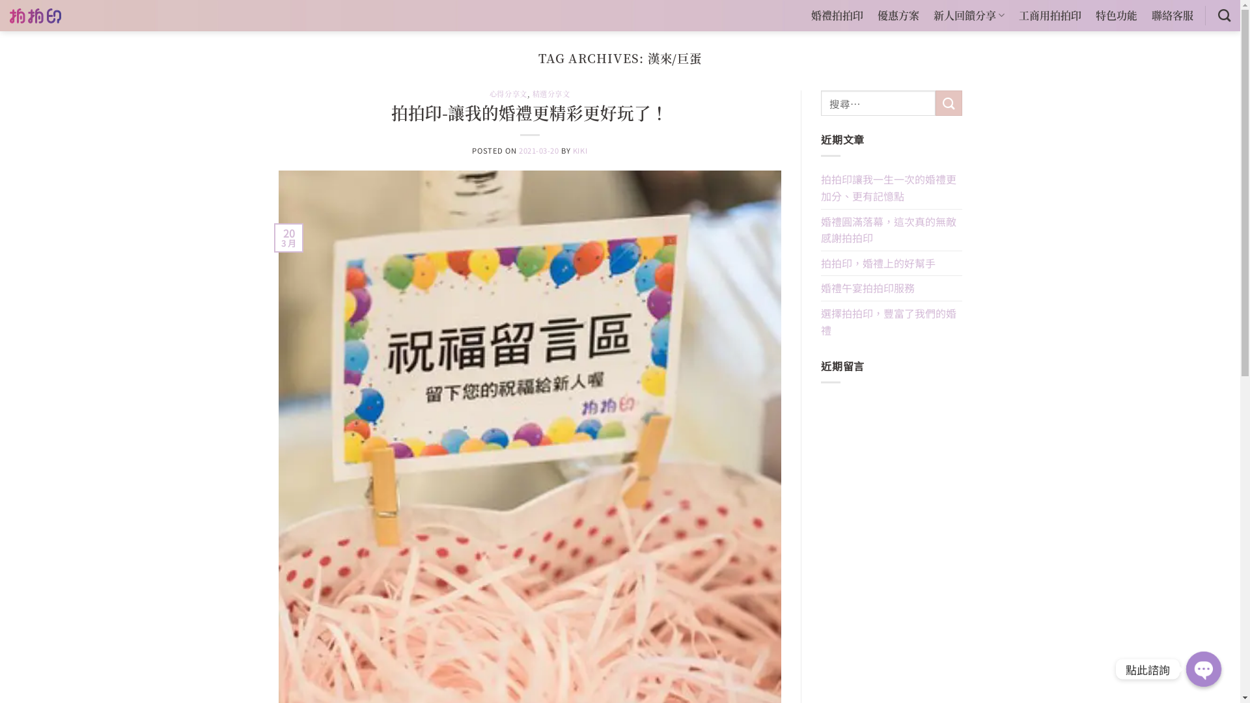  I want to click on 'KIKI', so click(579, 150).